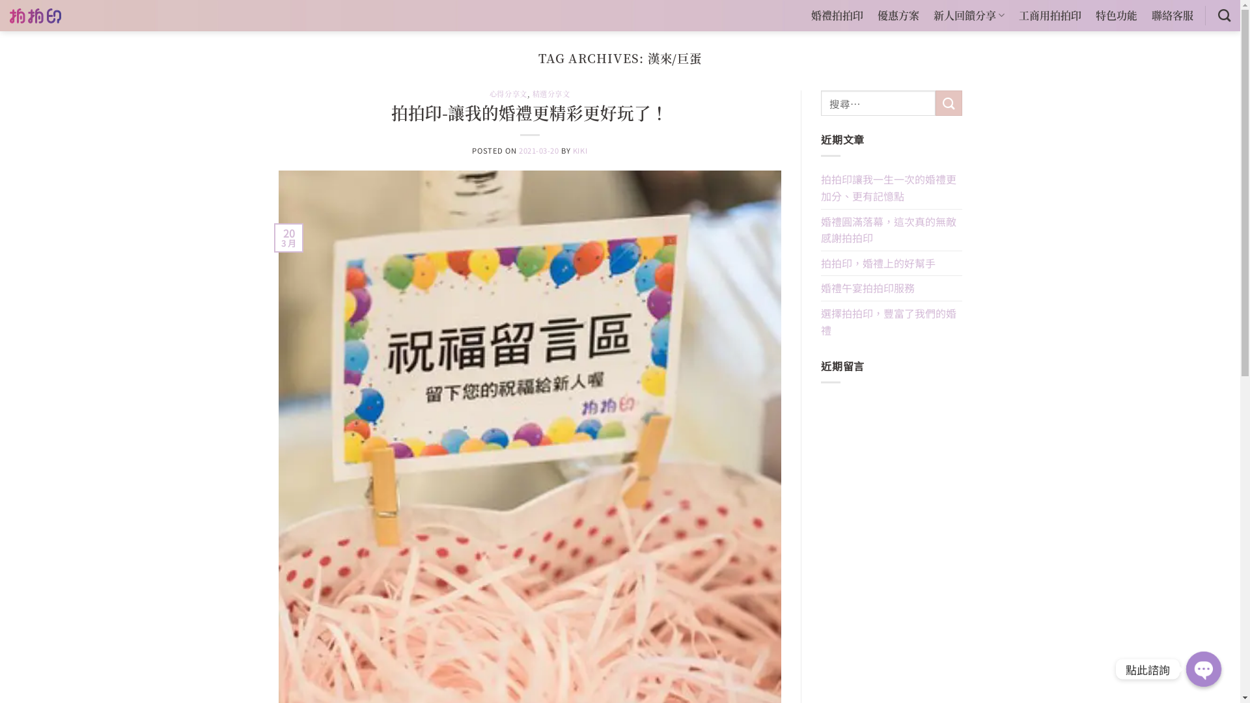  I want to click on 'KIKI', so click(579, 150).